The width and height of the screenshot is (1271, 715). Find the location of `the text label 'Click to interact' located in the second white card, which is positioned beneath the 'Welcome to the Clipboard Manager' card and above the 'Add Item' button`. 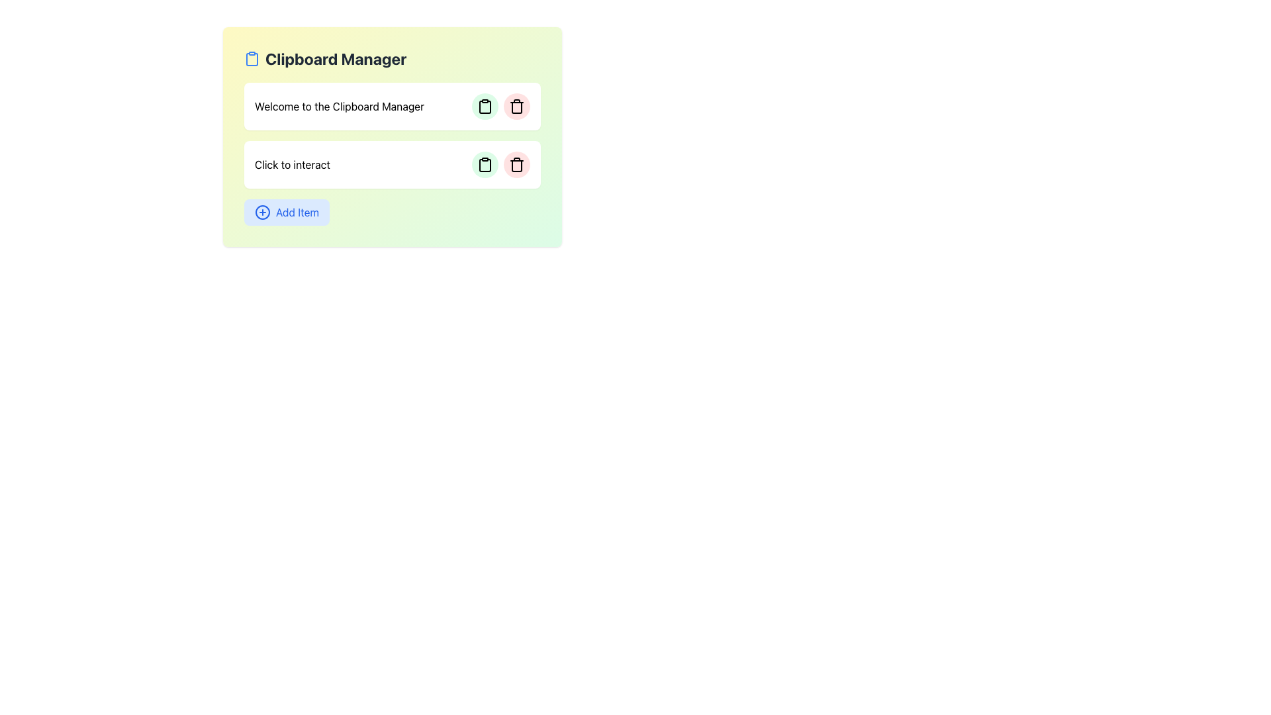

the text label 'Click to interact' located in the second white card, which is positioned beneath the 'Welcome to the Clipboard Manager' card and above the 'Add Item' button is located at coordinates (291, 164).